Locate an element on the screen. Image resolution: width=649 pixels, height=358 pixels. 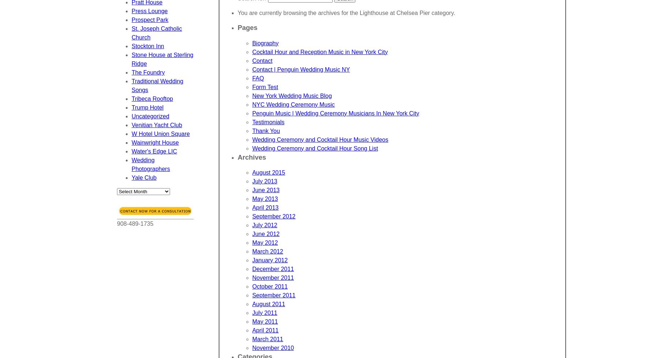
'Yale Club' is located at coordinates (143, 178).